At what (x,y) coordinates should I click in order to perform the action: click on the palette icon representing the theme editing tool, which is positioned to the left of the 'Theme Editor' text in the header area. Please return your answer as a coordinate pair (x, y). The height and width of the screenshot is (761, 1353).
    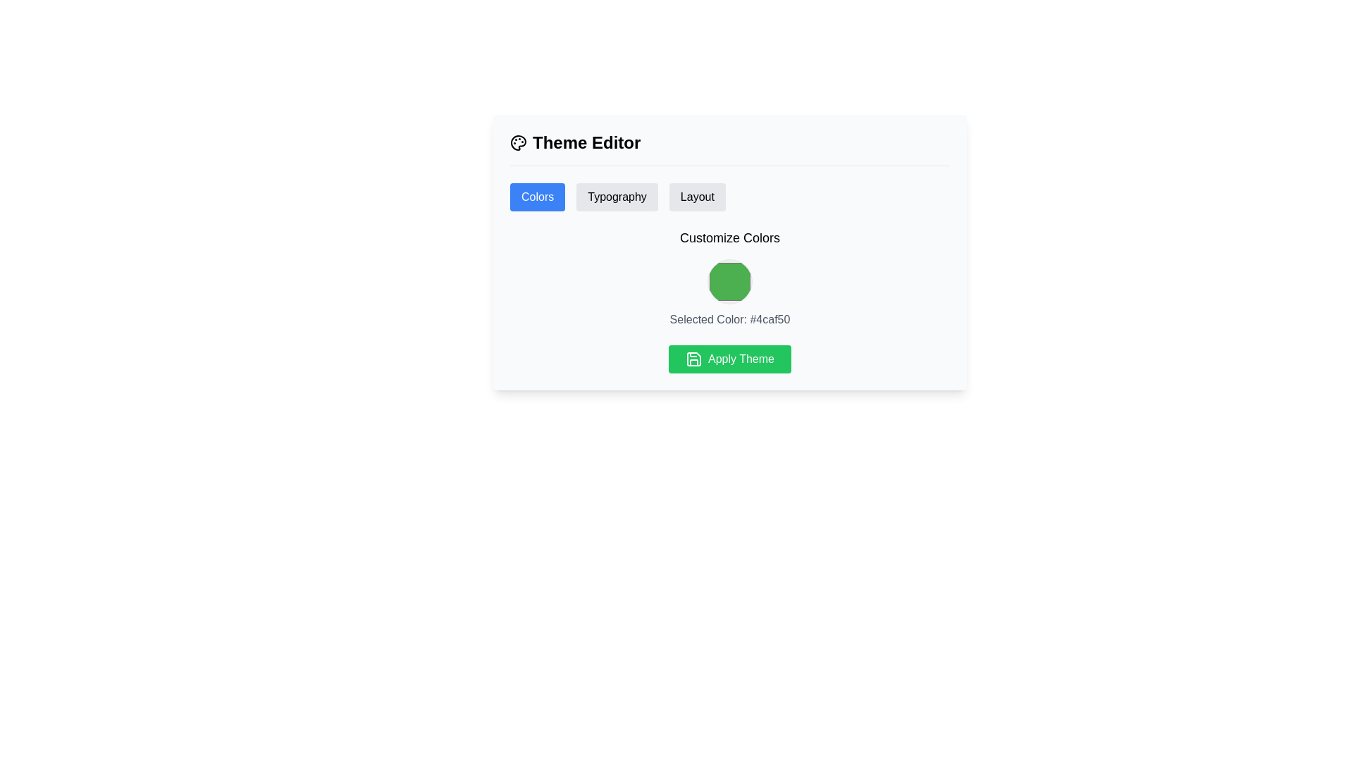
    Looking at the image, I should click on (517, 143).